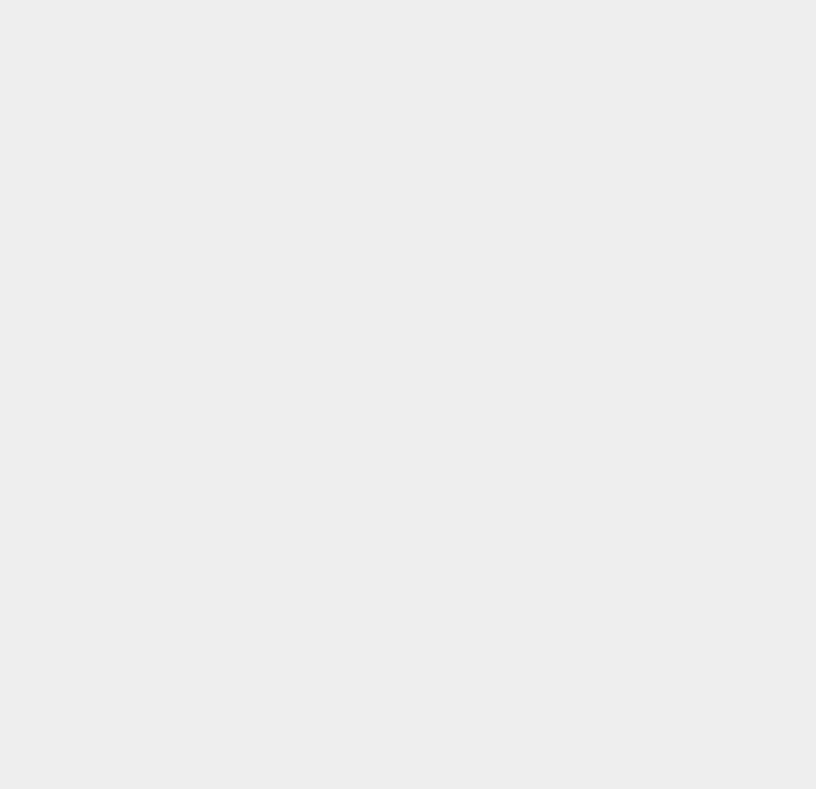  What do you see at coordinates (577, 575) in the screenshot?
I see `'NFC'` at bounding box center [577, 575].